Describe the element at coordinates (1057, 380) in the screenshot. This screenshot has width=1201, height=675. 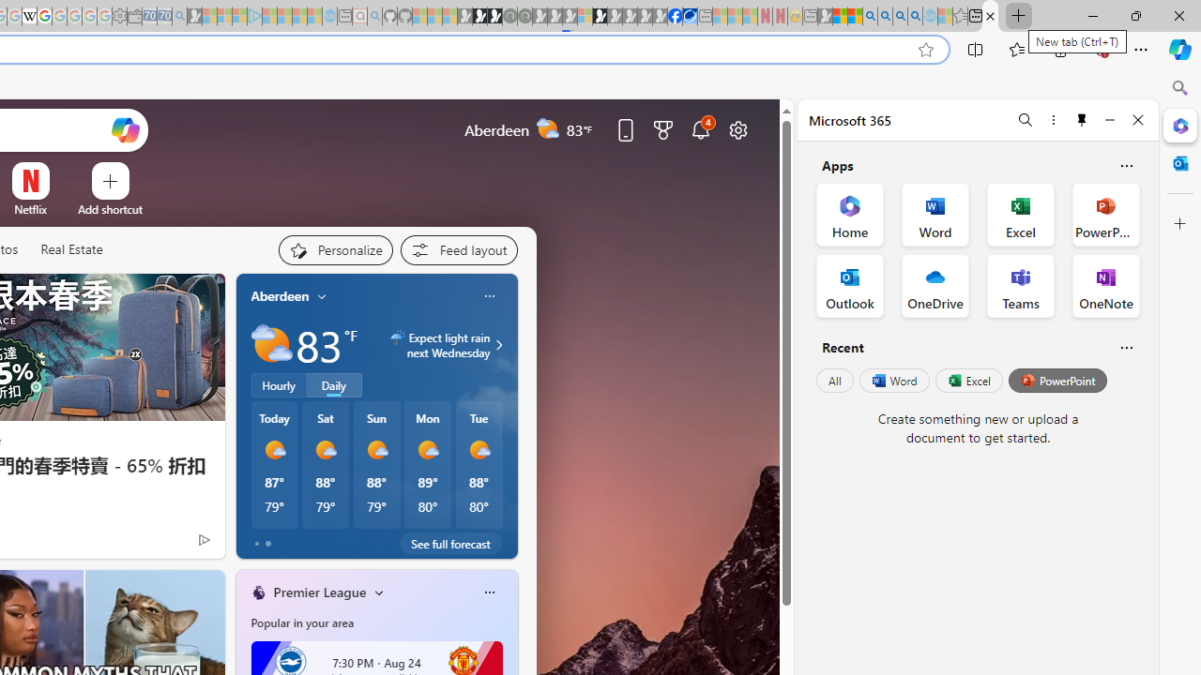
I see `'PowerPoint'` at that location.